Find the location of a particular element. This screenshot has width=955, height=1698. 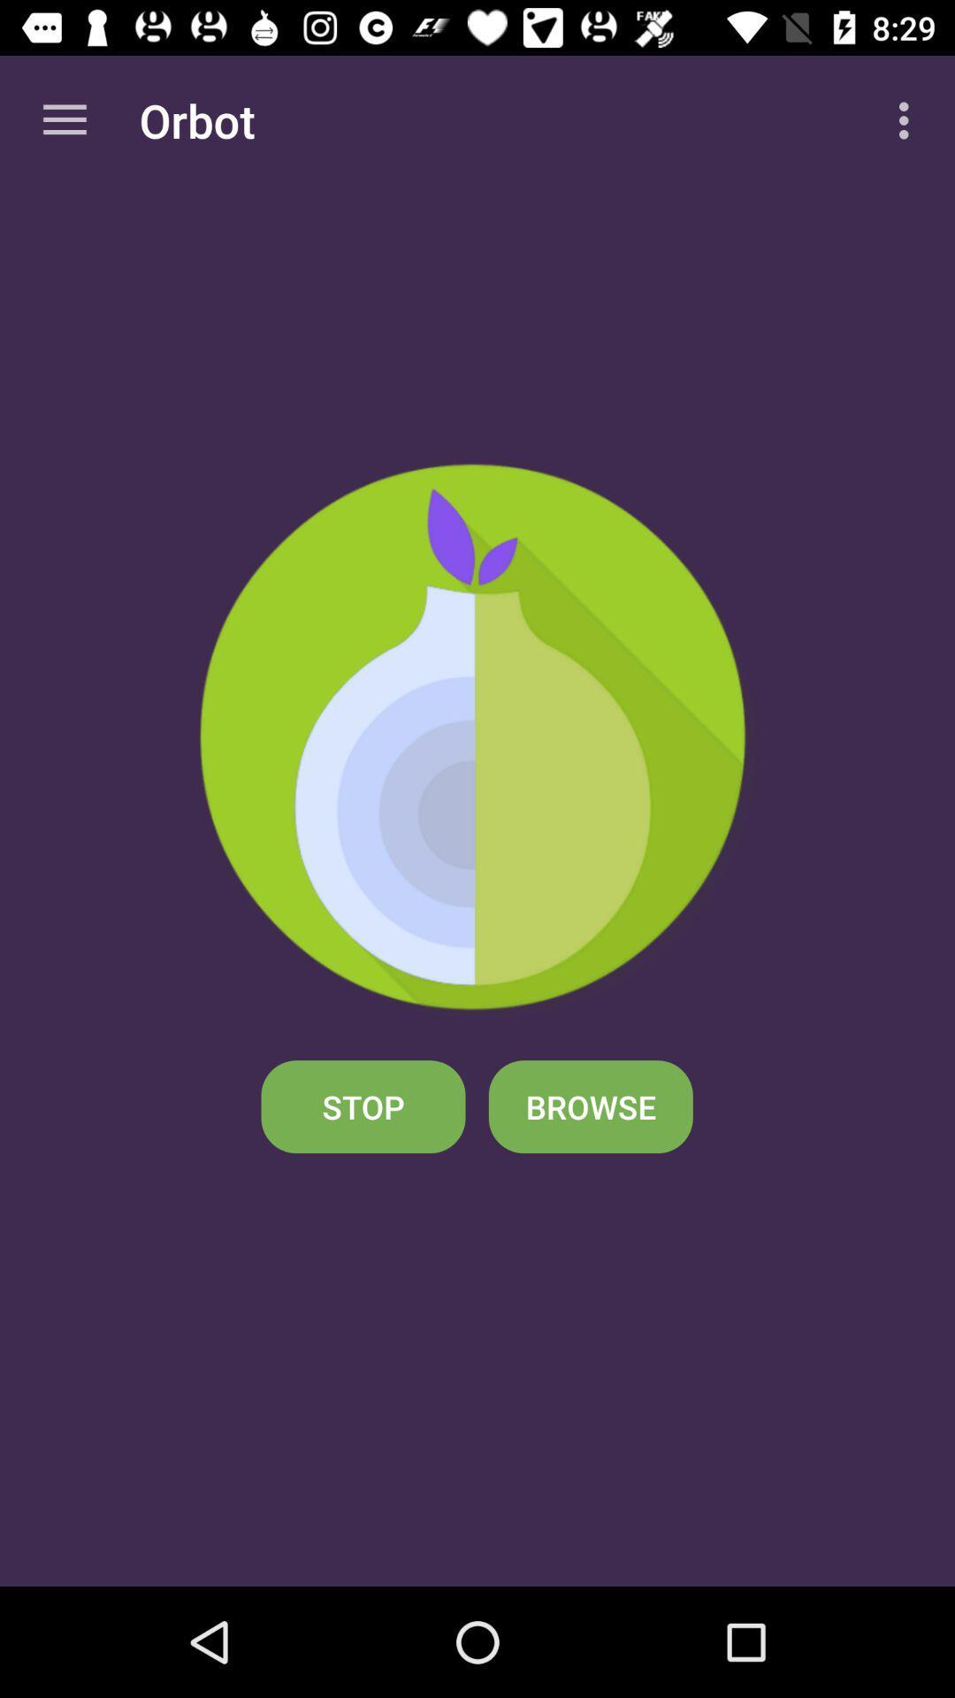

the icon to the right of stop icon is located at coordinates (591, 1105).